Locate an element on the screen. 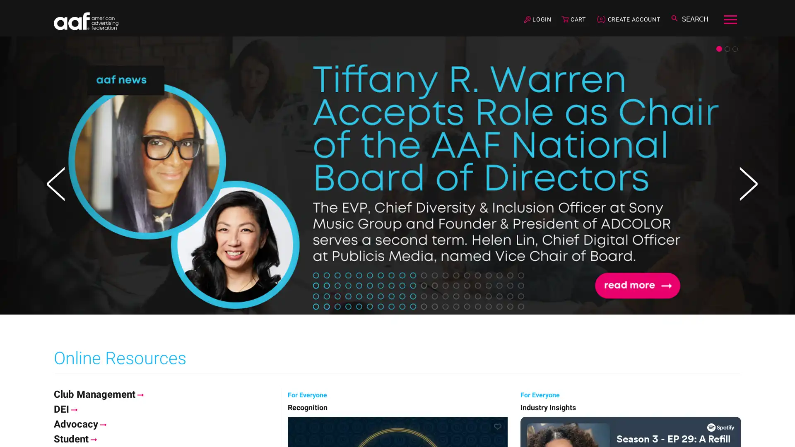  Toggle navigation is located at coordinates (733, 19).